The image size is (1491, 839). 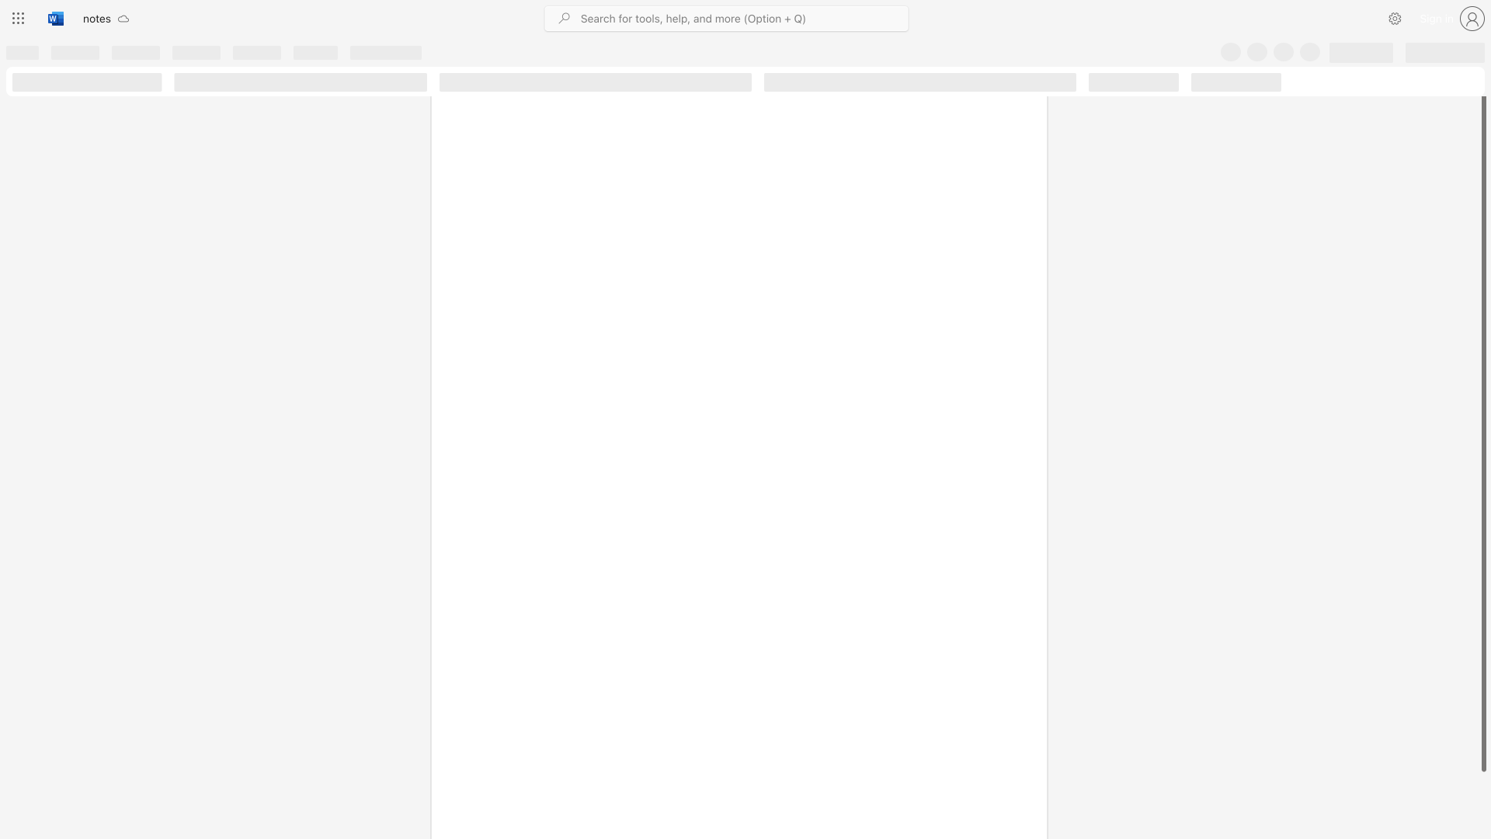 What do you see at coordinates (1482, 61) in the screenshot?
I see `the scrollbar on the right side to scroll the page up` at bounding box center [1482, 61].